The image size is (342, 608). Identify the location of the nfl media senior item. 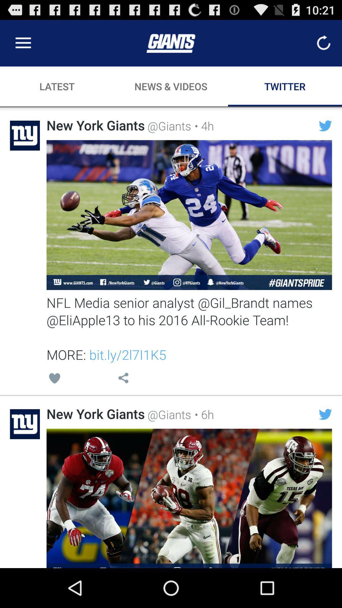
(189, 328).